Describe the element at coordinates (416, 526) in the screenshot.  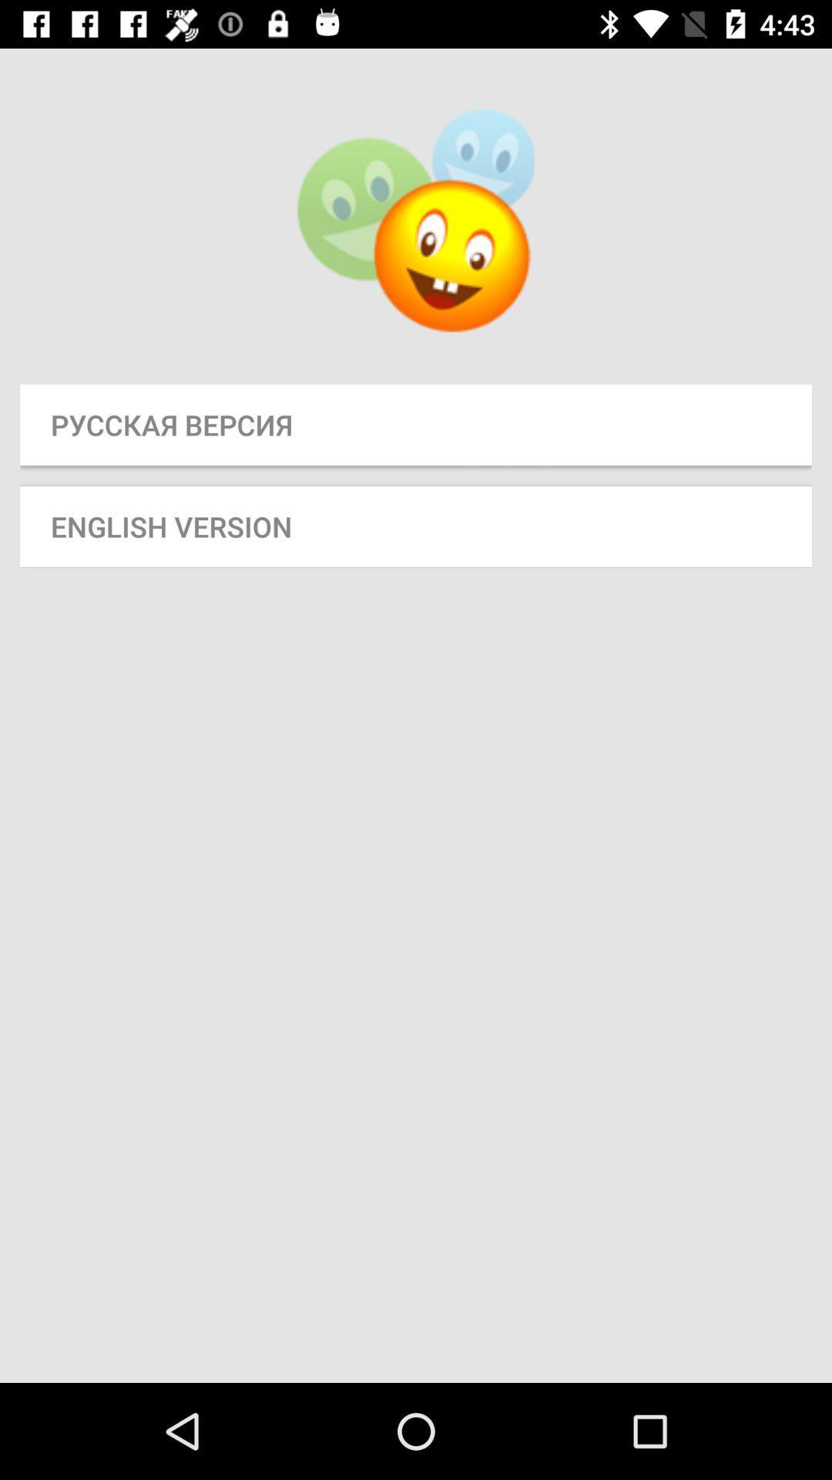
I see `the item at the center` at that location.